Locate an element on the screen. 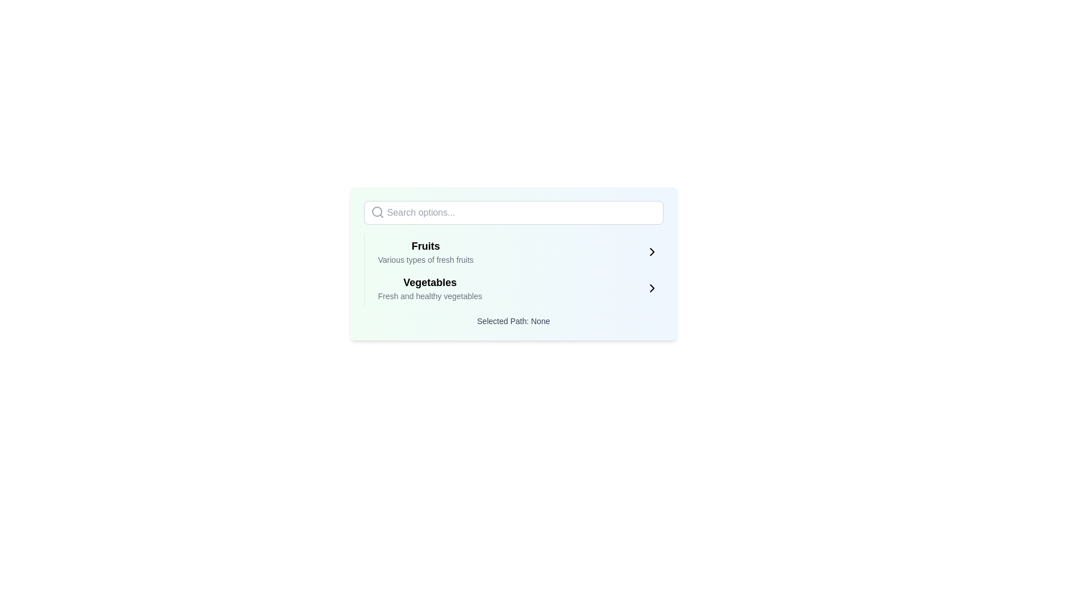 The height and width of the screenshot is (613, 1089). first selectable item in the list labeled 'Fruits' using a developer tool is located at coordinates (517, 251).